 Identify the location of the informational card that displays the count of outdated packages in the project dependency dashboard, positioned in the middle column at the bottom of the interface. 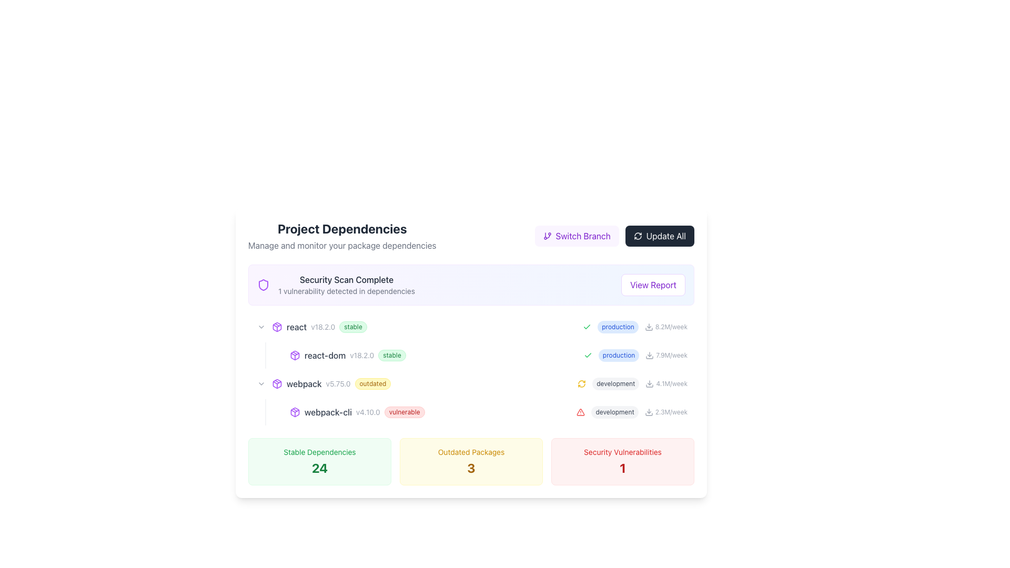
(471, 461).